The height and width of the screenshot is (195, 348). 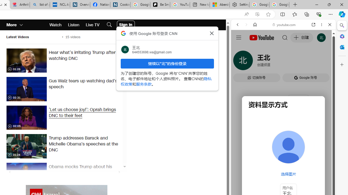 What do you see at coordinates (125, 25) in the screenshot?
I see `'User Account Log In Button'` at bounding box center [125, 25].